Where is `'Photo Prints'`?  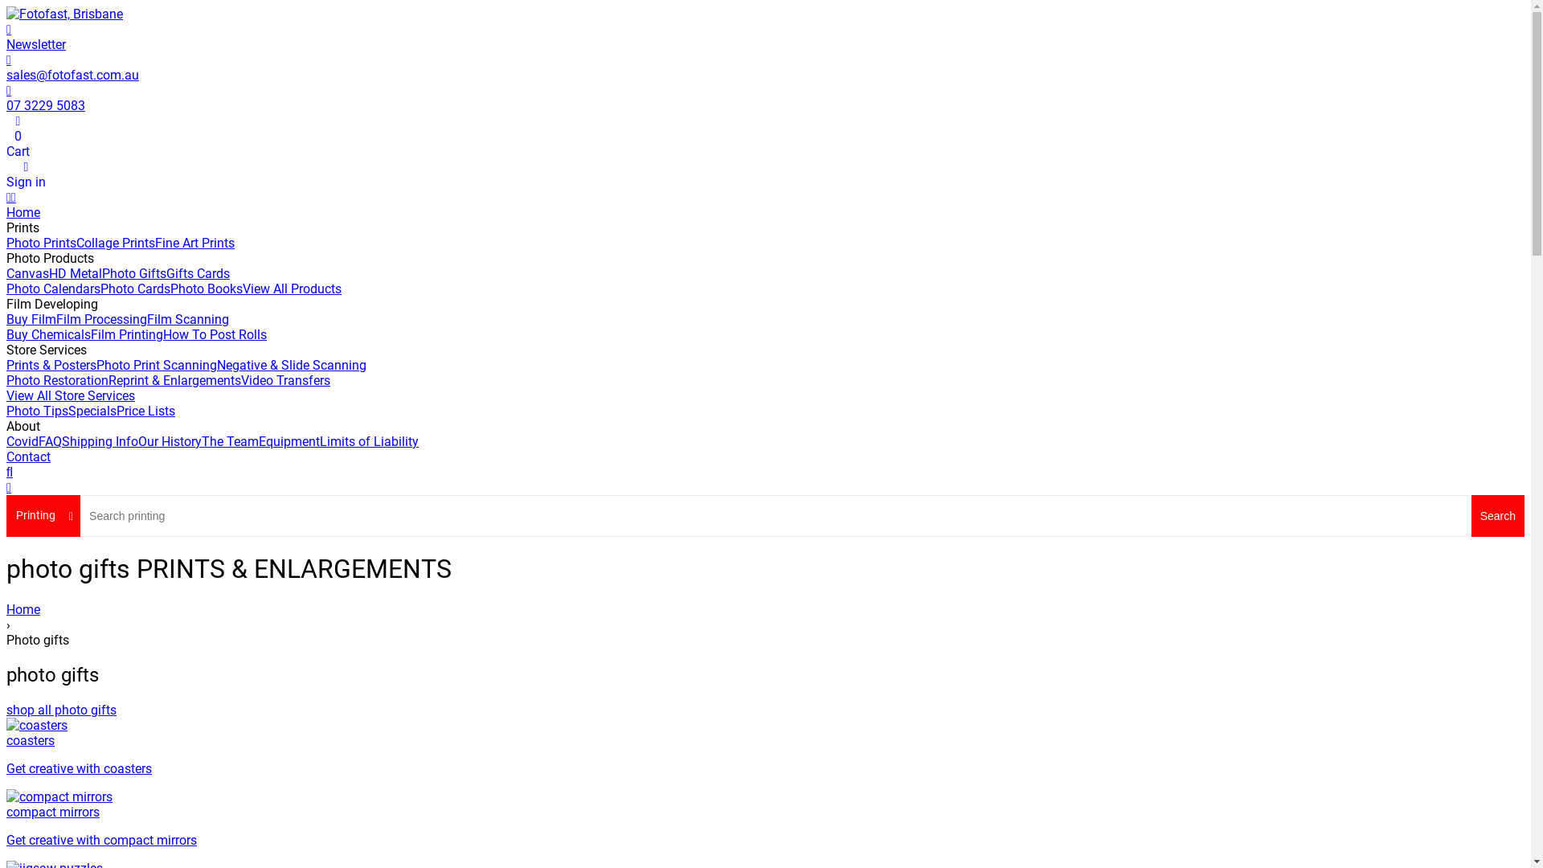
'Photo Prints' is located at coordinates (41, 243).